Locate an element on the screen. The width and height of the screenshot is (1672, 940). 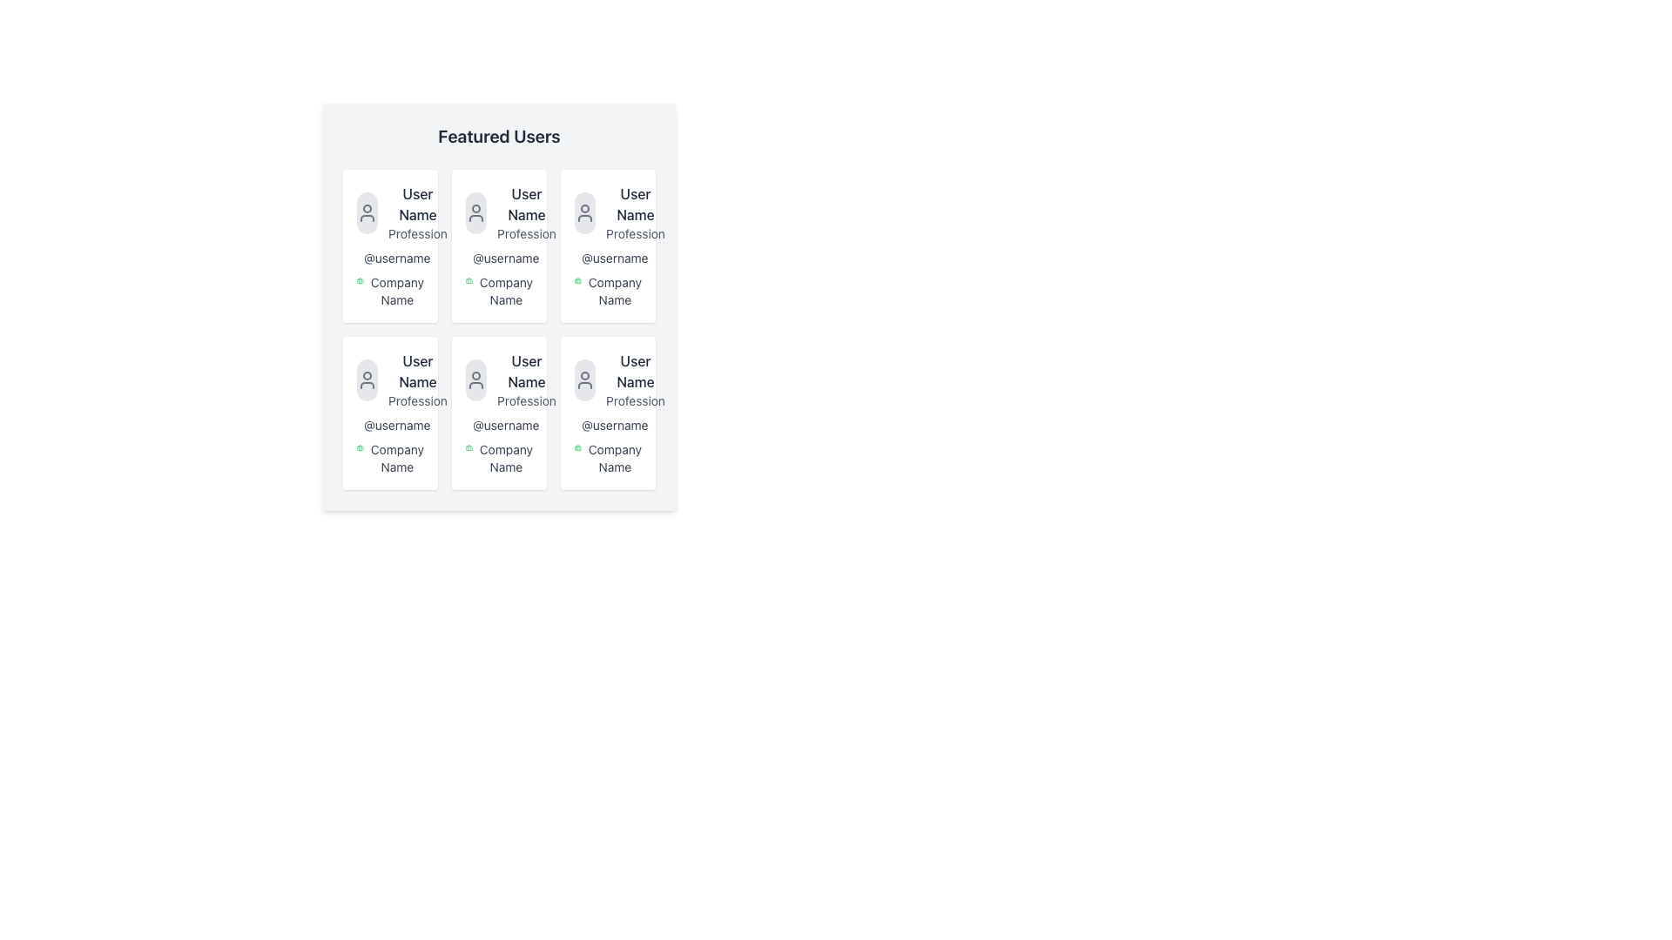
text label displaying 'Company Name', which is styled with a gray font and located near the bottom of the profile card, positioned centrally in the second row of a grid layout is located at coordinates (615, 291).